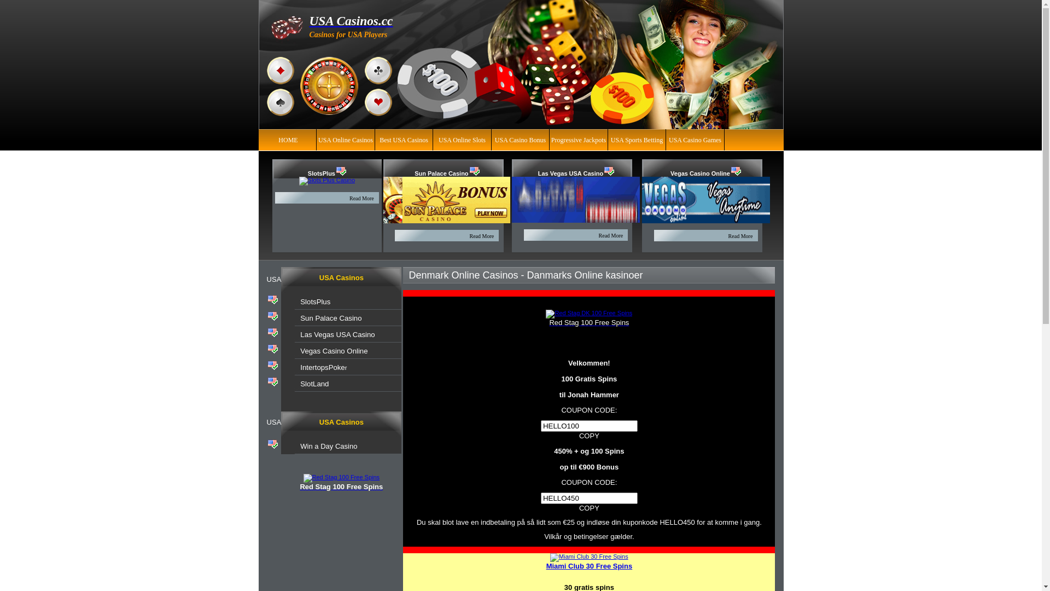  Describe the element at coordinates (333, 351) in the screenshot. I see `'Vegas Casino Online'` at that location.